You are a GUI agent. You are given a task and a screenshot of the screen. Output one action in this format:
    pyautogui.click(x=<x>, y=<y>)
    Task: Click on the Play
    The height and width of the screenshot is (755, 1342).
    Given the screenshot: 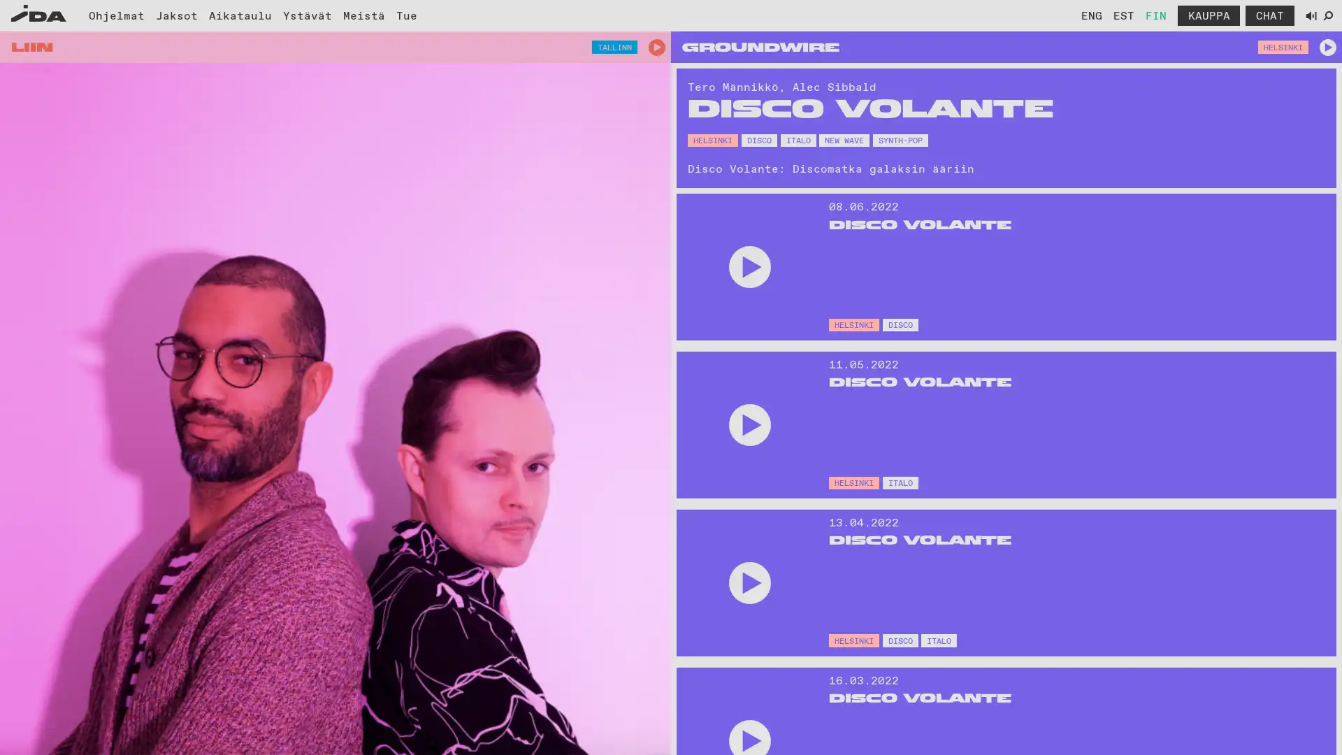 What is the action you would take?
    pyautogui.click(x=748, y=423)
    